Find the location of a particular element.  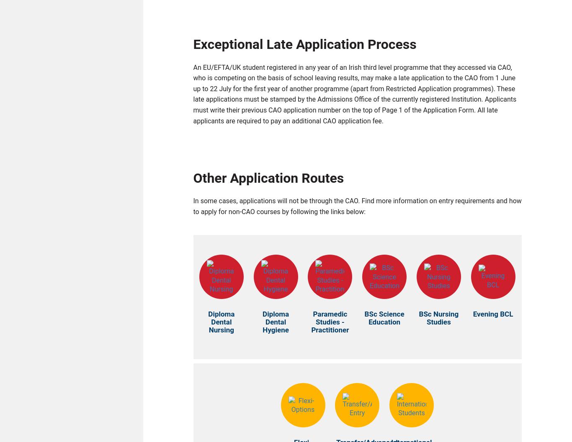

'Evening BCL' is located at coordinates (492, 316).